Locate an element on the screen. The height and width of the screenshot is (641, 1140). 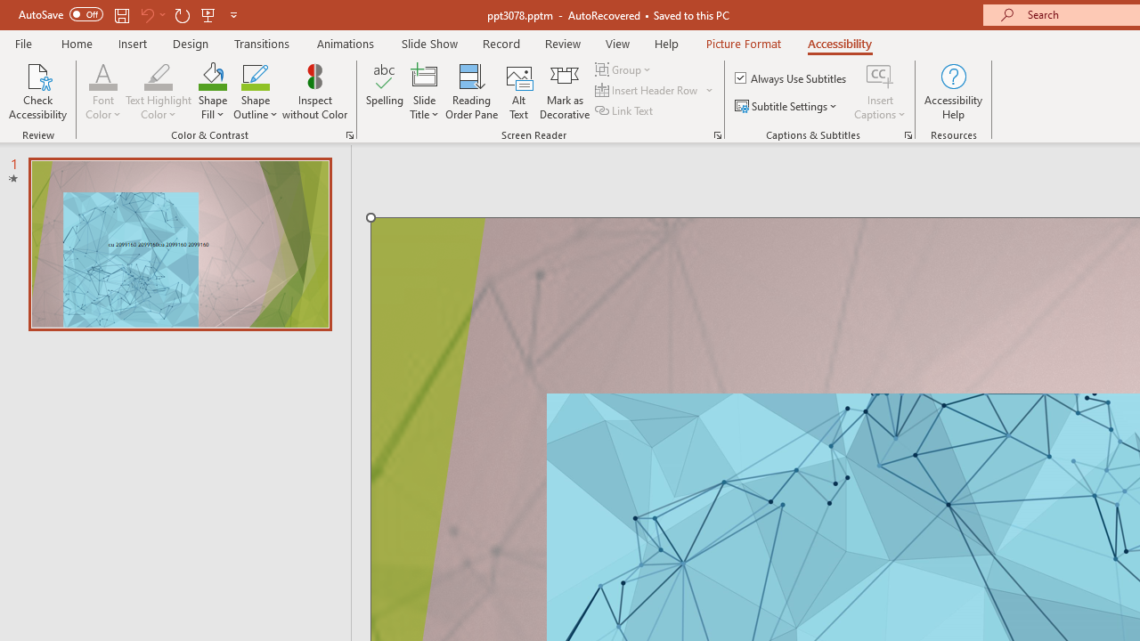
'Insert Captions' is located at coordinates (880, 92).